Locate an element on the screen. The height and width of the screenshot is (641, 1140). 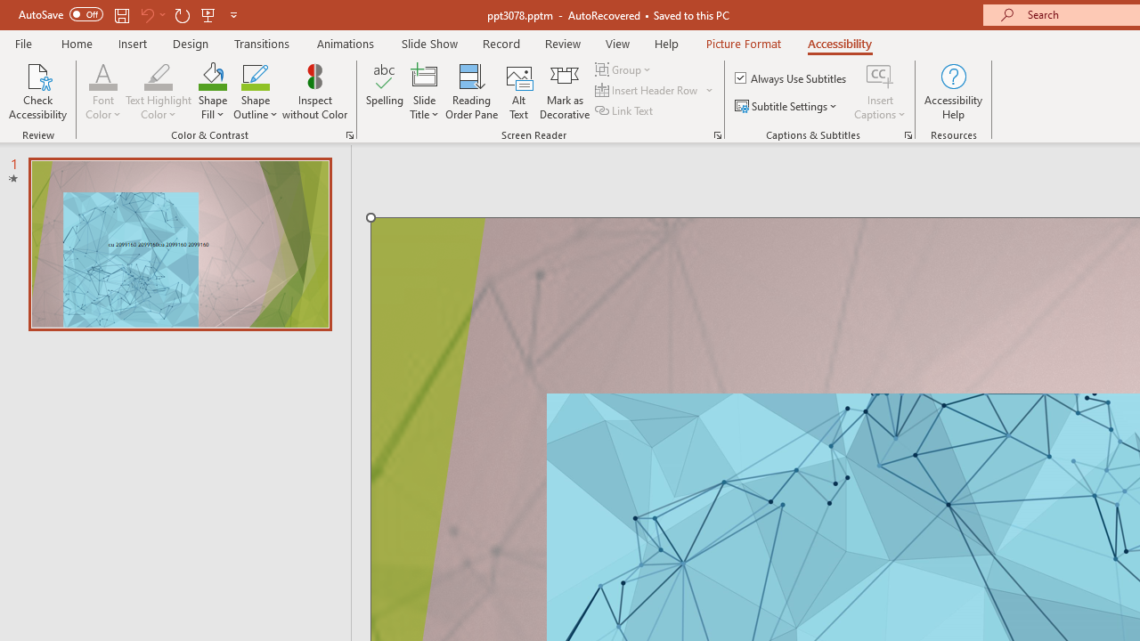
'Insert Captions' is located at coordinates (880, 92).